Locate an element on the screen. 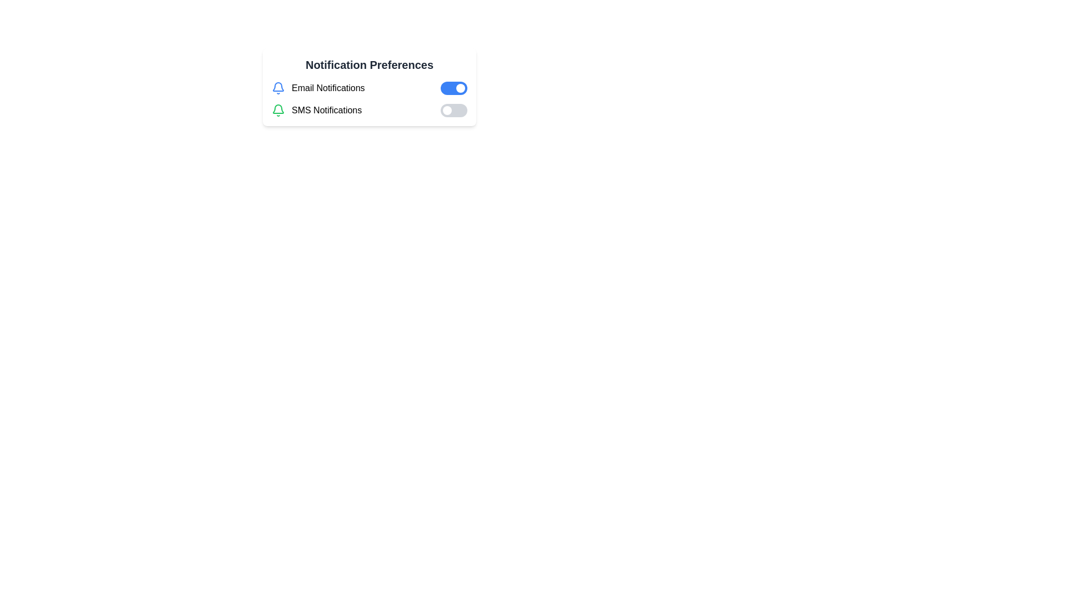 The image size is (1067, 600). the blue bell icon representing 'Email Notifications' is located at coordinates (278, 87).